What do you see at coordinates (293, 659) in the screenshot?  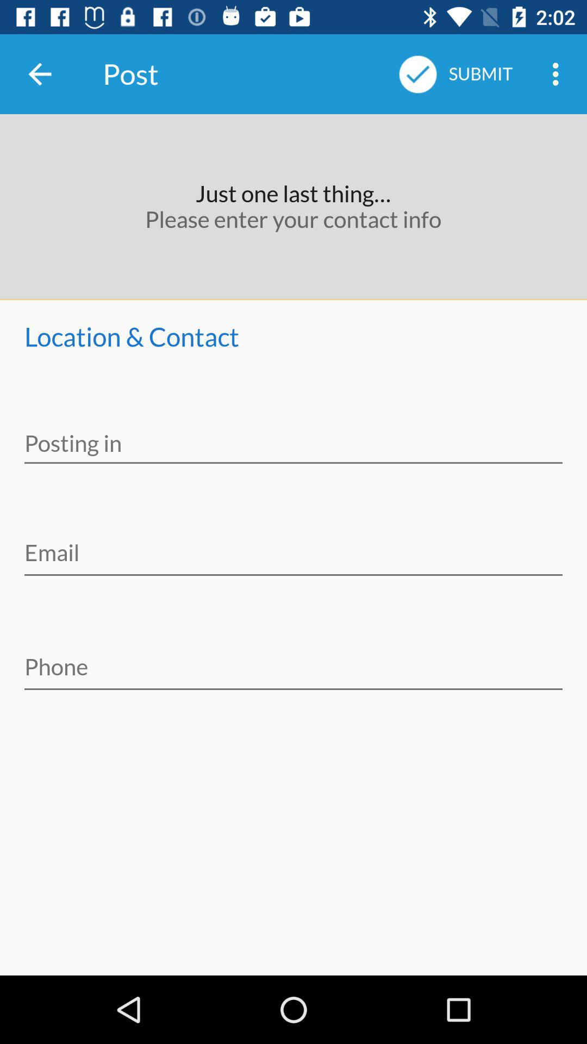 I see `phone textbox` at bounding box center [293, 659].